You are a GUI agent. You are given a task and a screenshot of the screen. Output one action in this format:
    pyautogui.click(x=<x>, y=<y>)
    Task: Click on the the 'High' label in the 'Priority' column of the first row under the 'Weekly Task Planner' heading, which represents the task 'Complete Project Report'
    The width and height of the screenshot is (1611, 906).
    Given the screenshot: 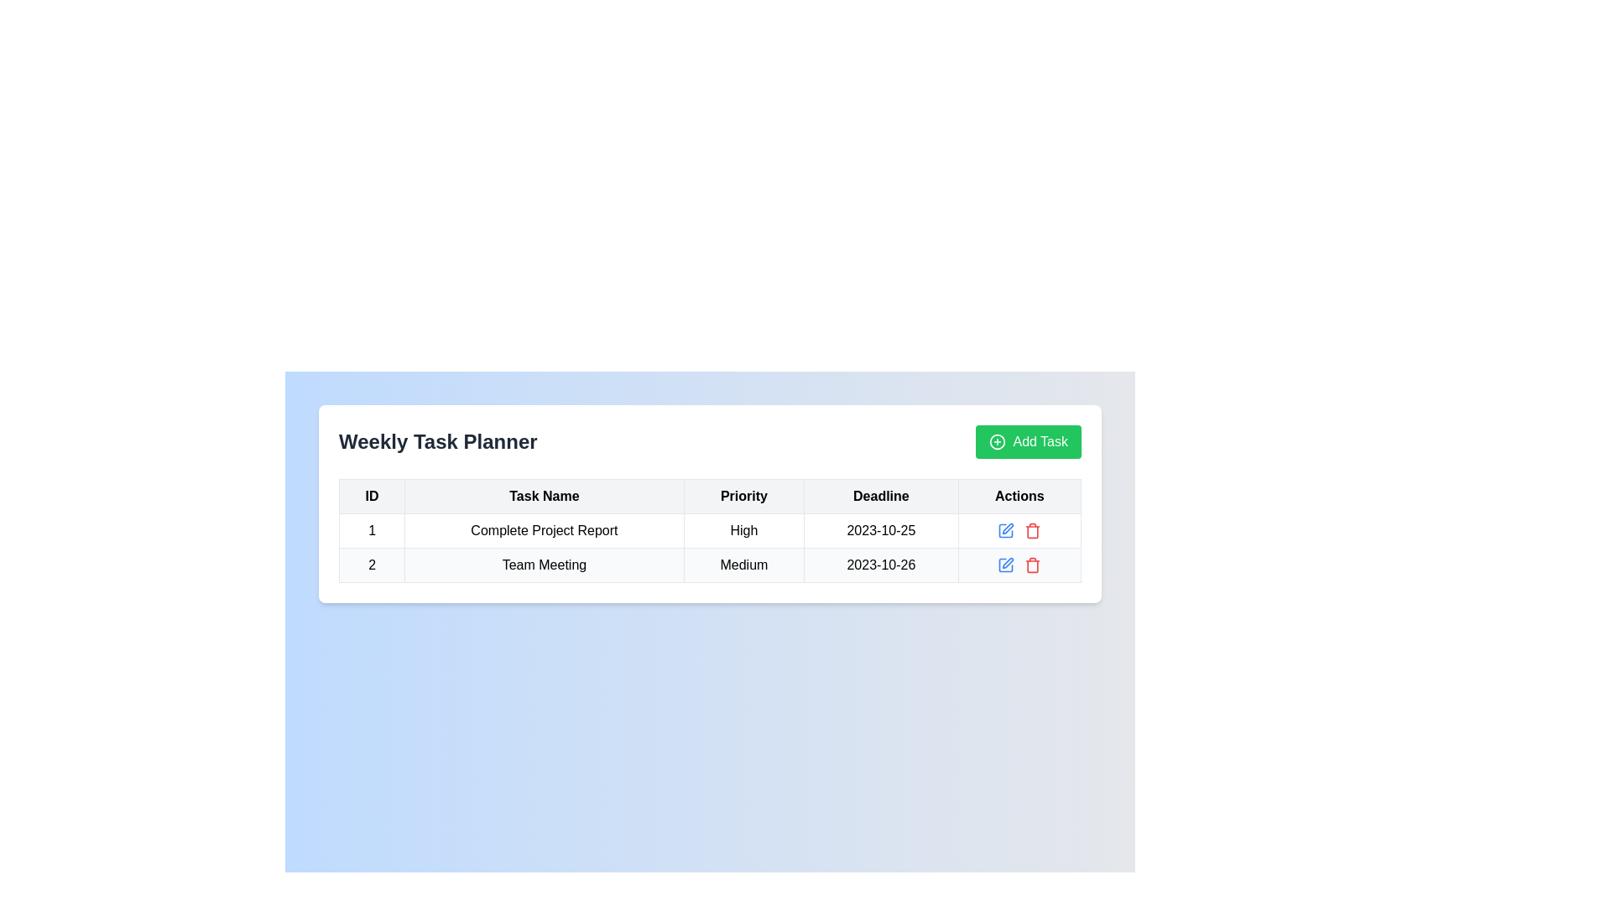 What is the action you would take?
    pyautogui.click(x=743, y=530)
    